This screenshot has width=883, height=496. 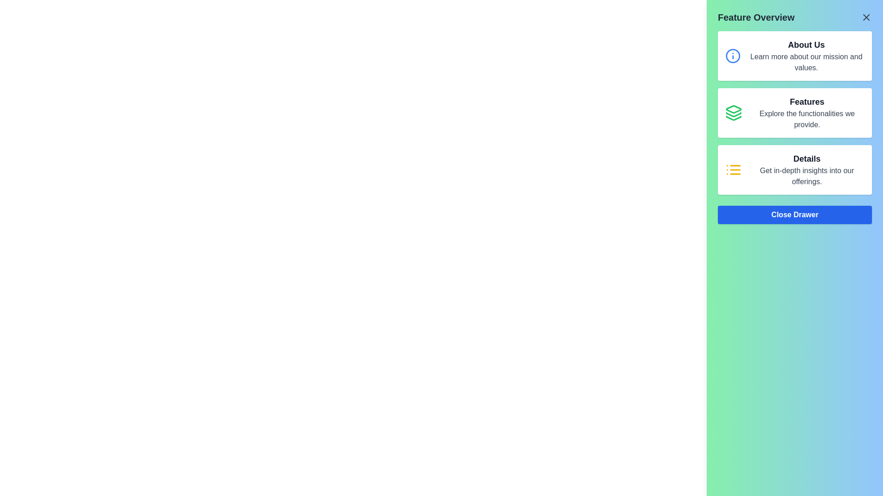 I want to click on the text label 'Feature Overview' styled with bold typography and a larger font size, located at the top-left corner of the right-hand-side sliding panel with a gradient green to blue background, so click(x=756, y=17).